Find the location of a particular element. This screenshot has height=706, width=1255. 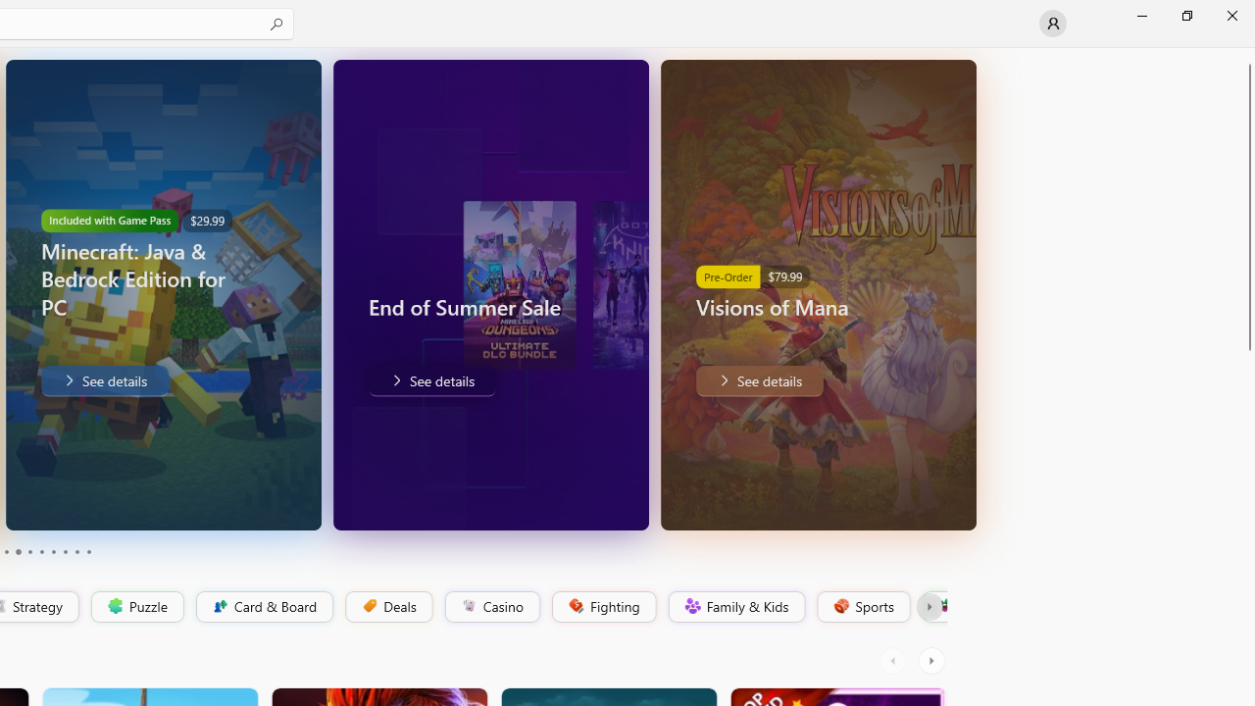

'Page 5' is located at coordinates (29, 552).